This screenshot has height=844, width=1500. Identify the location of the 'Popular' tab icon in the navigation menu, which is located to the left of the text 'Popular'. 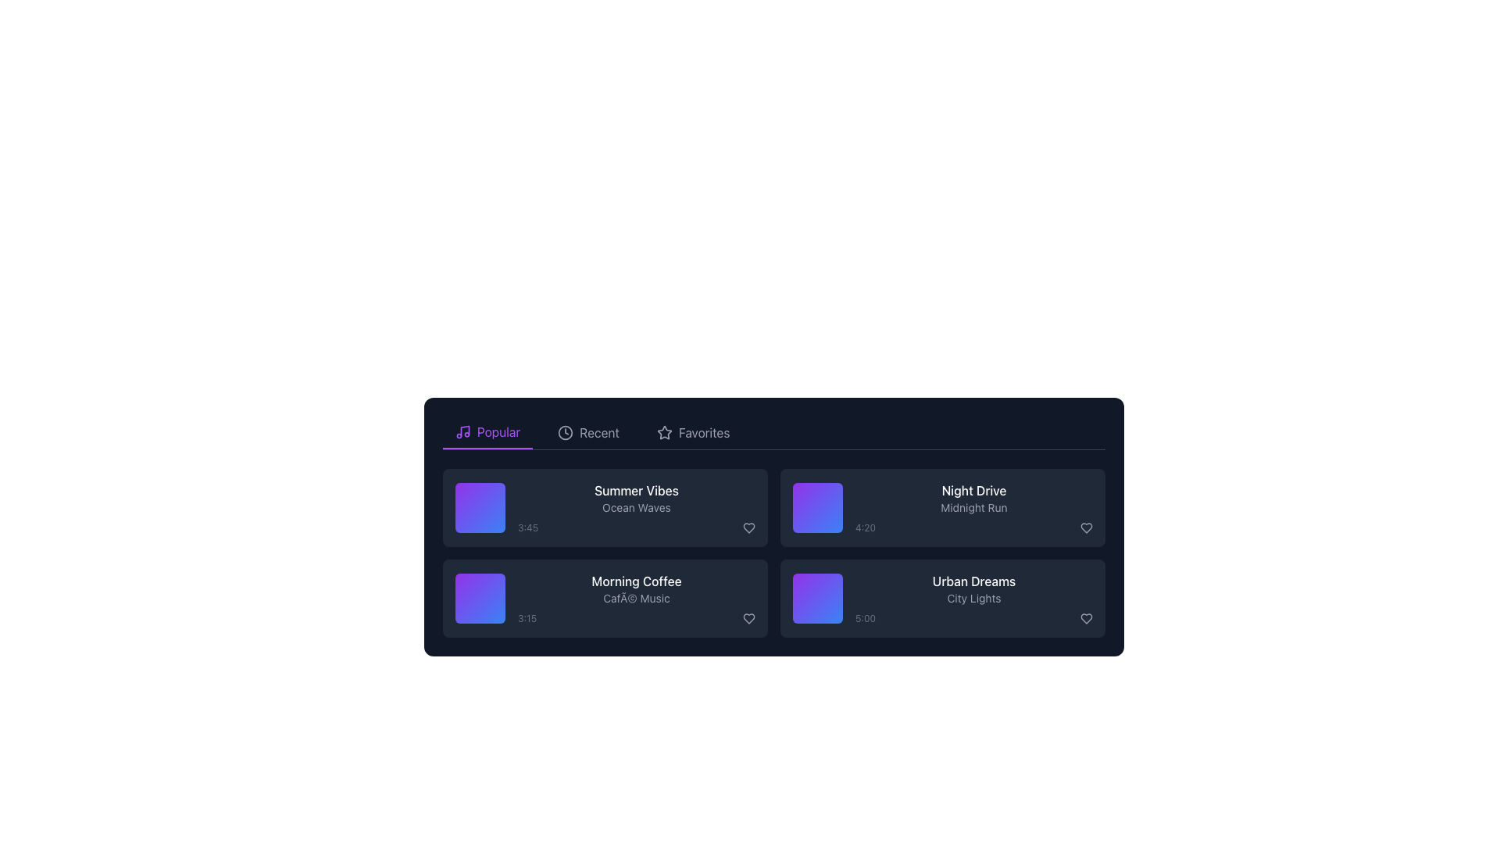
(462, 431).